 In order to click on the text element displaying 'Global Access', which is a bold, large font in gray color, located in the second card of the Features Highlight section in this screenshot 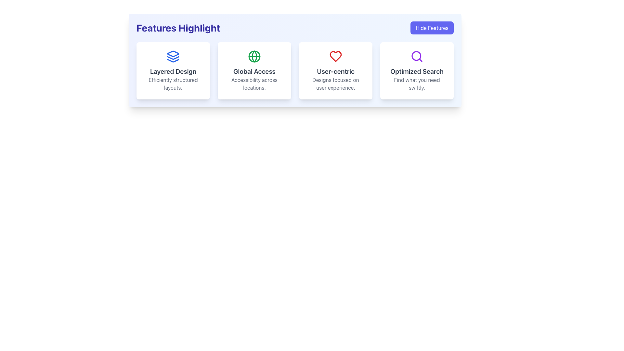, I will do `click(254, 71)`.